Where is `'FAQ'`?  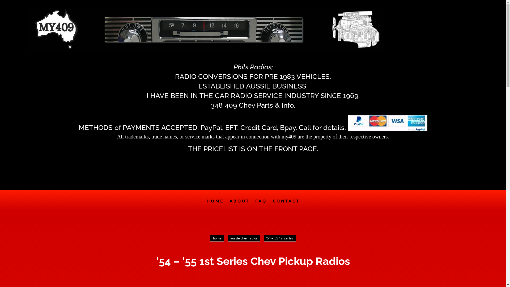
'FAQ' is located at coordinates (255, 204).